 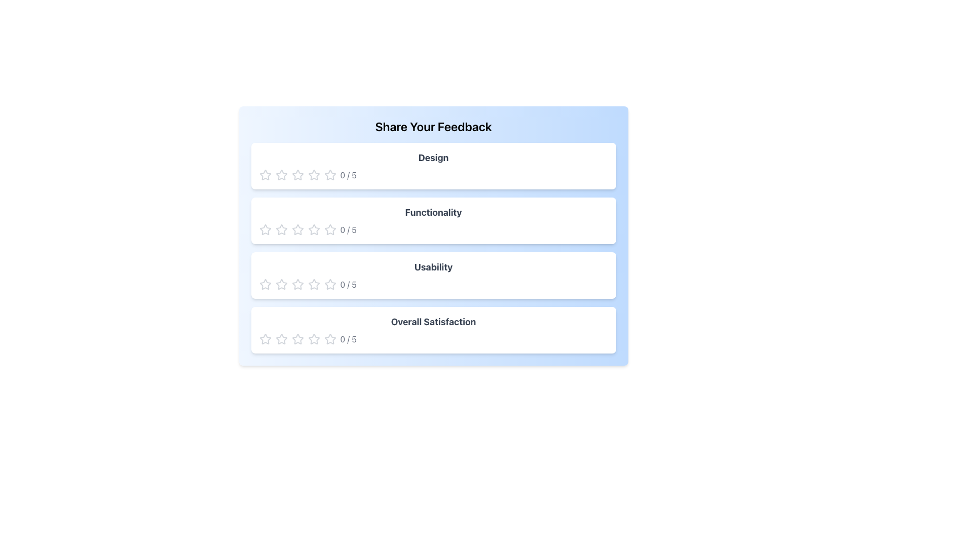 I want to click on the second star-shaped icon in the rating system for 'Functionality', which is styled as a hollow outline in light gray, so click(x=297, y=229).